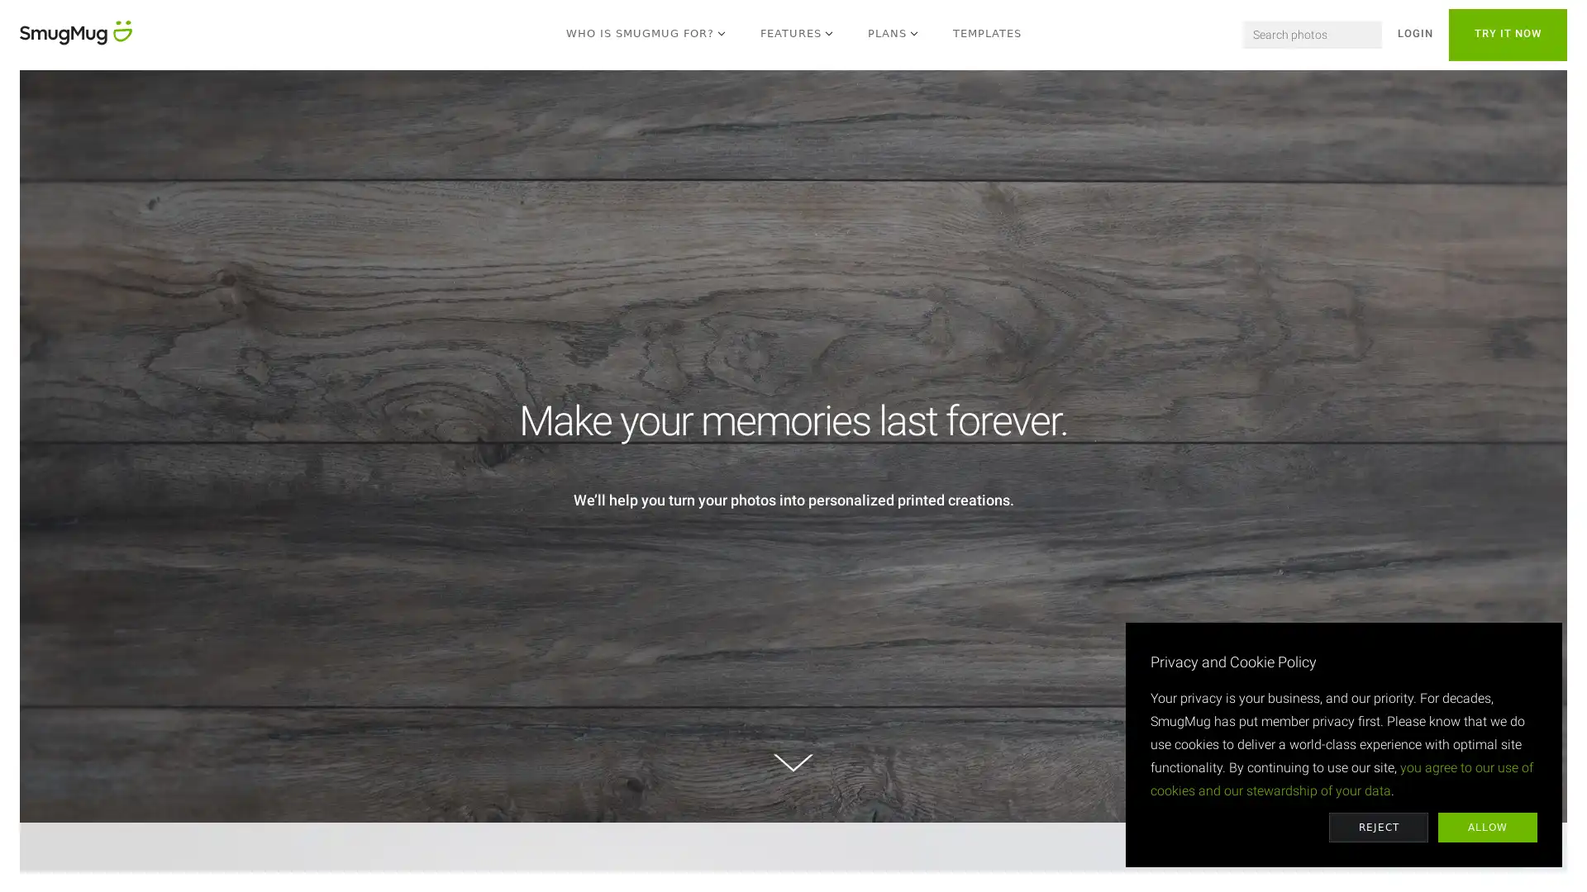 This screenshot has width=1587, height=892. I want to click on FEATURES, so click(797, 35).